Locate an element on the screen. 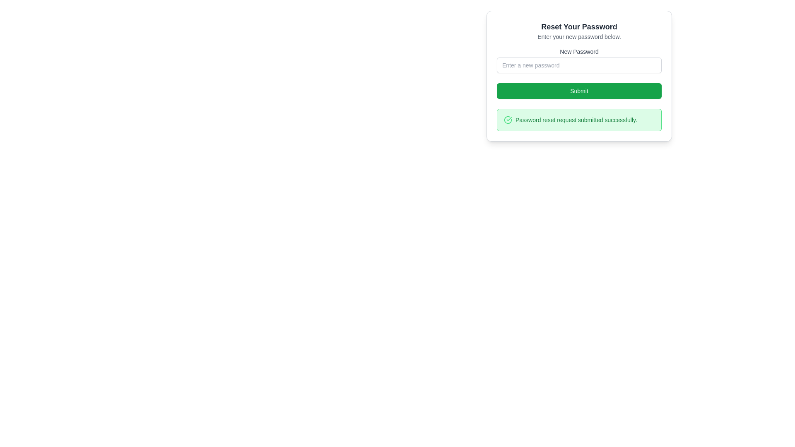 This screenshot has width=795, height=447. the password reset button located below the 'Enter a new password' input field is located at coordinates (578, 91).